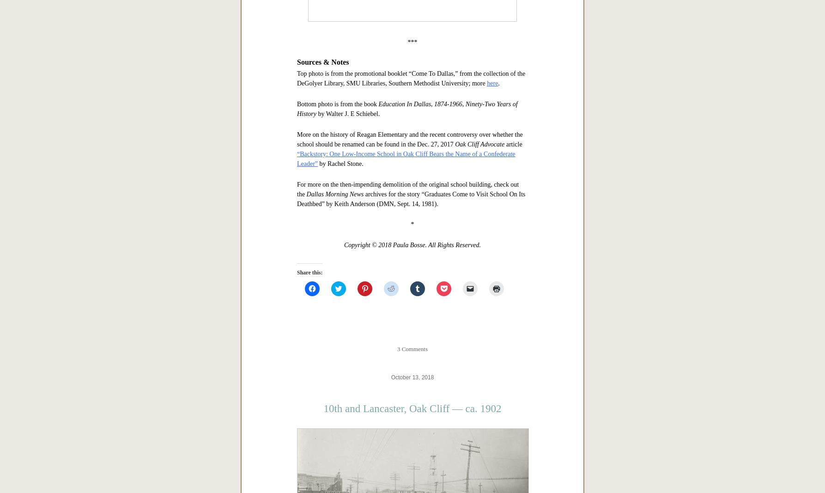  What do you see at coordinates (411, 156) in the screenshot?
I see `'As the population of Oak Cliff grew over the years, so did the school, which expanded with additions beyond those original four rooms in order to accommodate the continual growth of the neighborhood. The building had a good run and stood for 76 years — until it was demolished at the end of 1981 (or the beginning of 1982) to make room for a new building at the same  location. The new school retained the Reagan name, which has become a point of controversy in recent years.'` at bounding box center [411, 156].